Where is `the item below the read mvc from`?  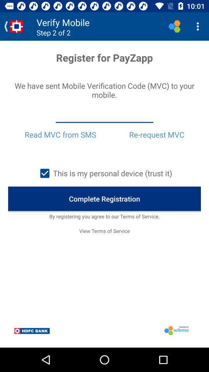
the item below the read mvc from is located at coordinates (104, 173).